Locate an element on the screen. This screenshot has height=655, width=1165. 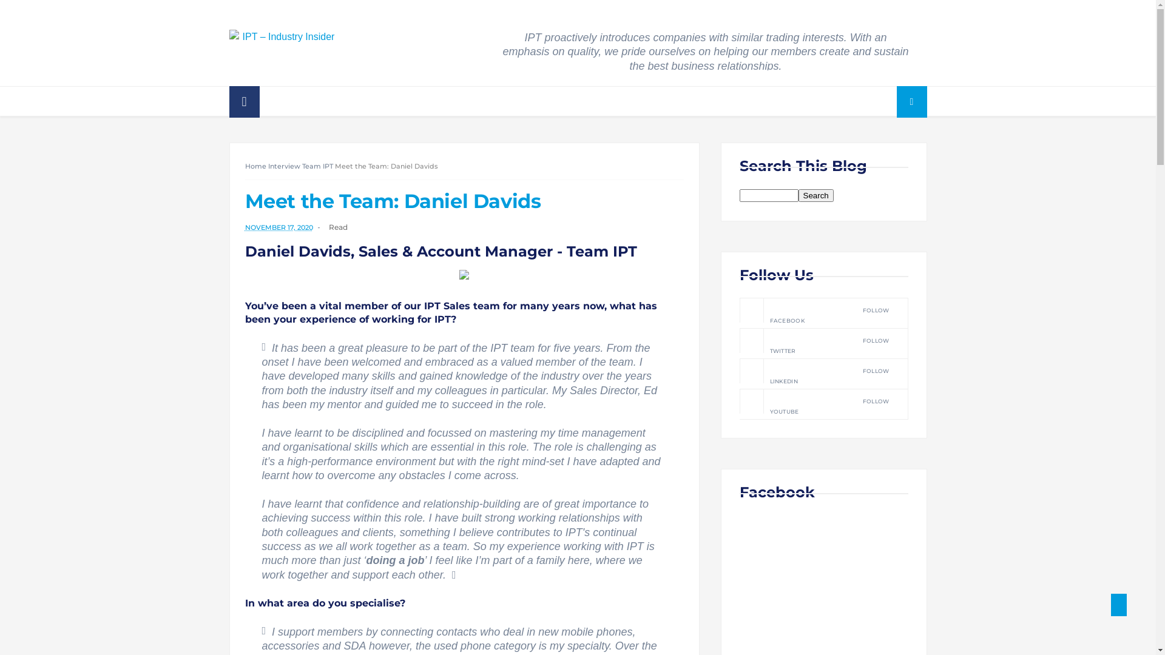
'TWITTER is located at coordinates (738, 343).